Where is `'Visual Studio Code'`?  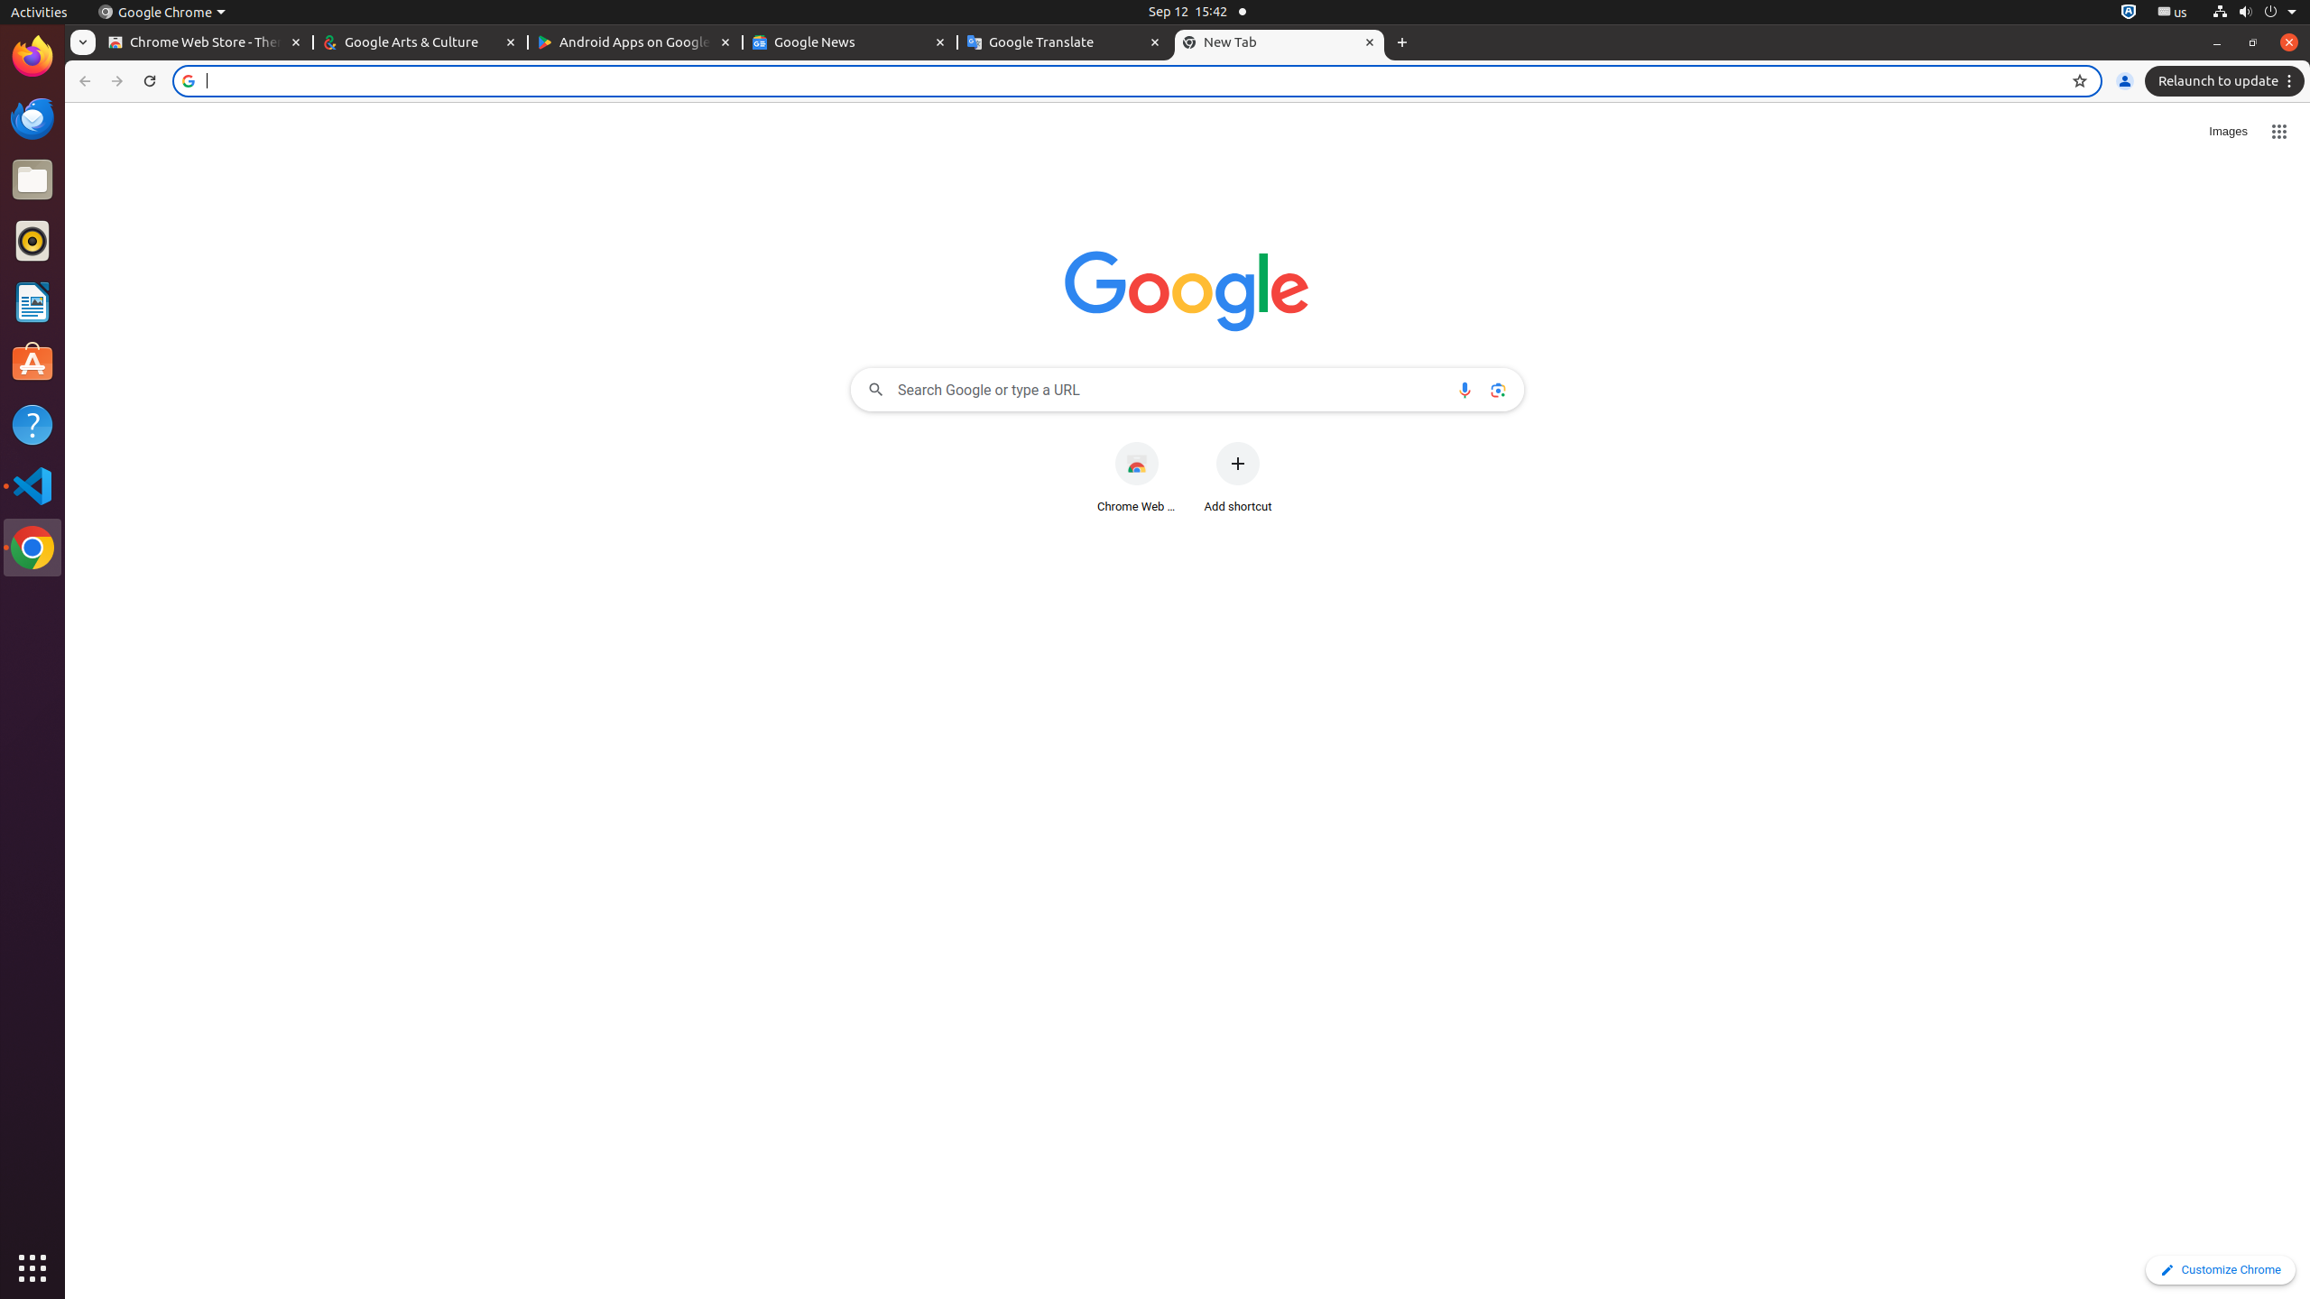 'Visual Studio Code' is located at coordinates (32, 484).